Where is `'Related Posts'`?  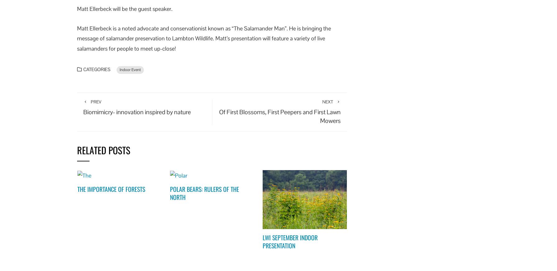 'Related Posts' is located at coordinates (104, 150).